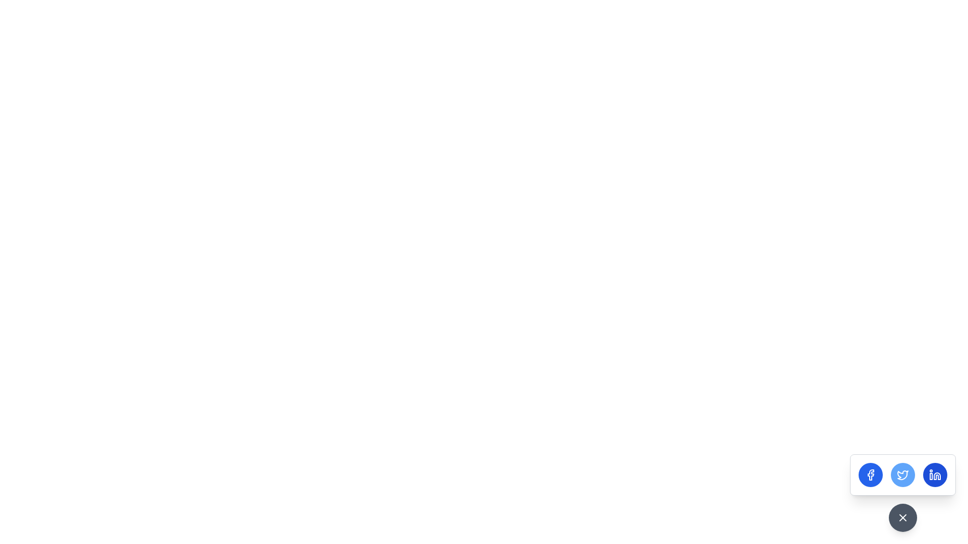  Describe the element at coordinates (870, 474) in the screenshot. I see `the blue circular Facebook icon button located at the bottom right corner of the interface` at that location.